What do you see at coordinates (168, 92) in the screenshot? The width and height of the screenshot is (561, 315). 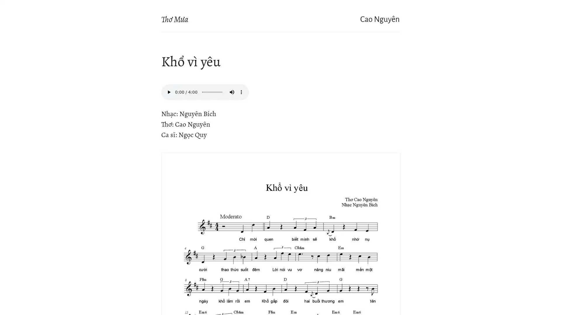 I see `play` at bounding box center [168, 92].